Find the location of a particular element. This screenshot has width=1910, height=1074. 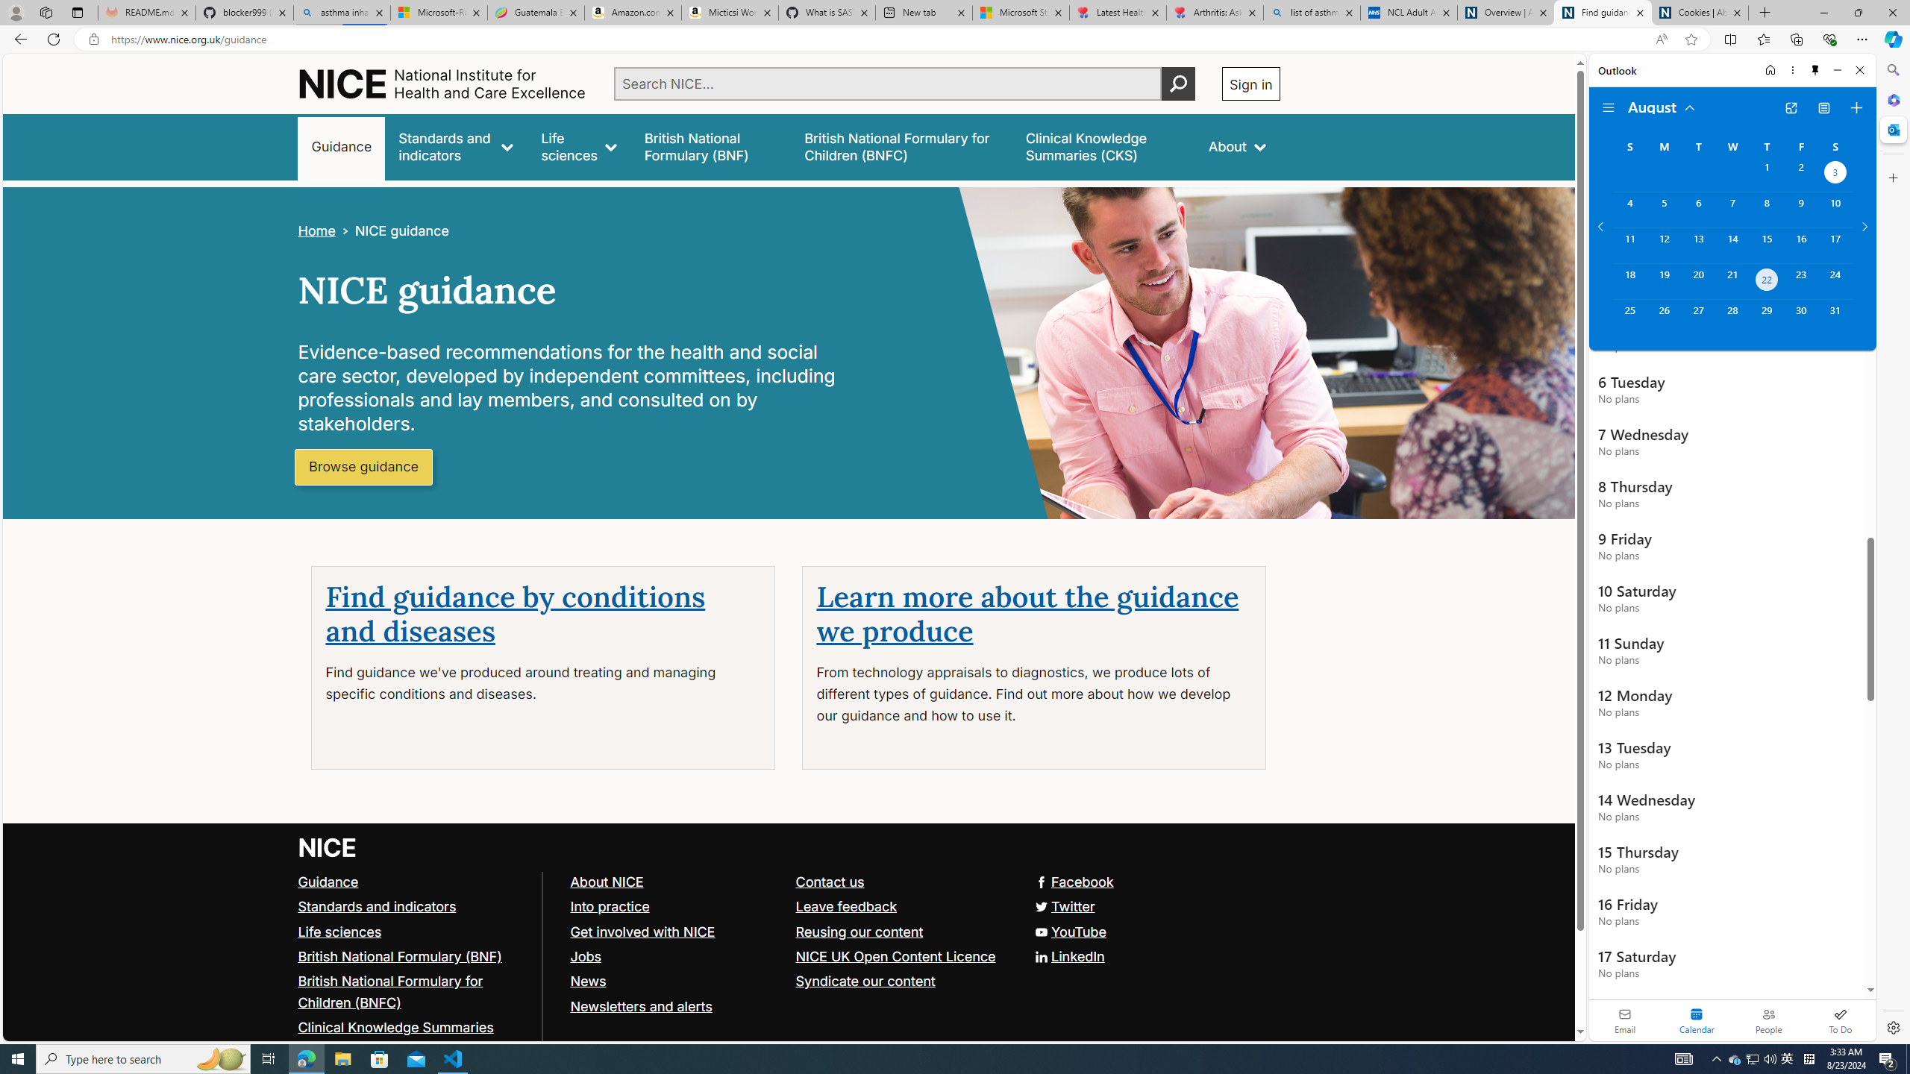

'Monday, August 26, 2024. ' is located at coordinates (1663, 317).